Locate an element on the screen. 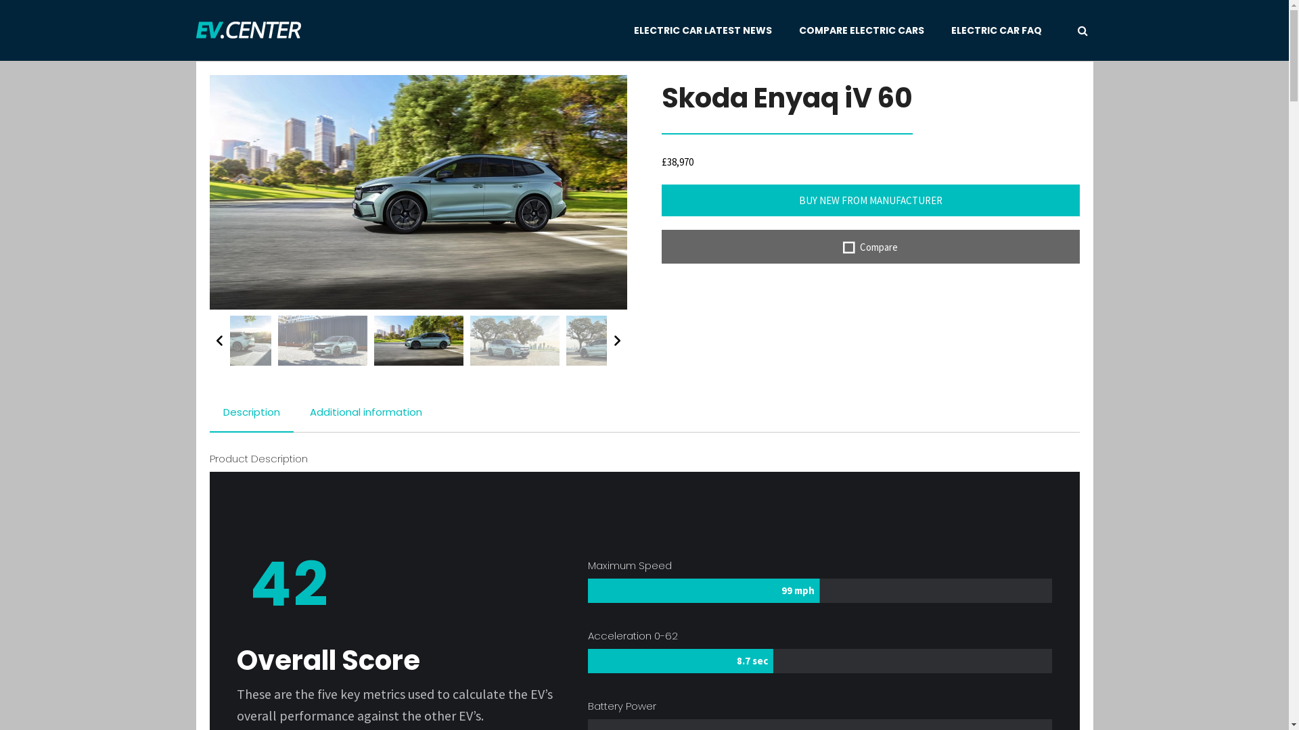 Image resolution: width=1299 pixels, height=730 pixels. 'ELECTRIC CAR LATEST NEWS' is located at coordinates (702, 30).